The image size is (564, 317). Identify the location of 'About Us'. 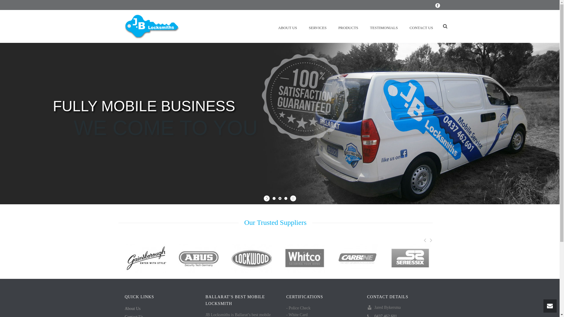
(132, 308).